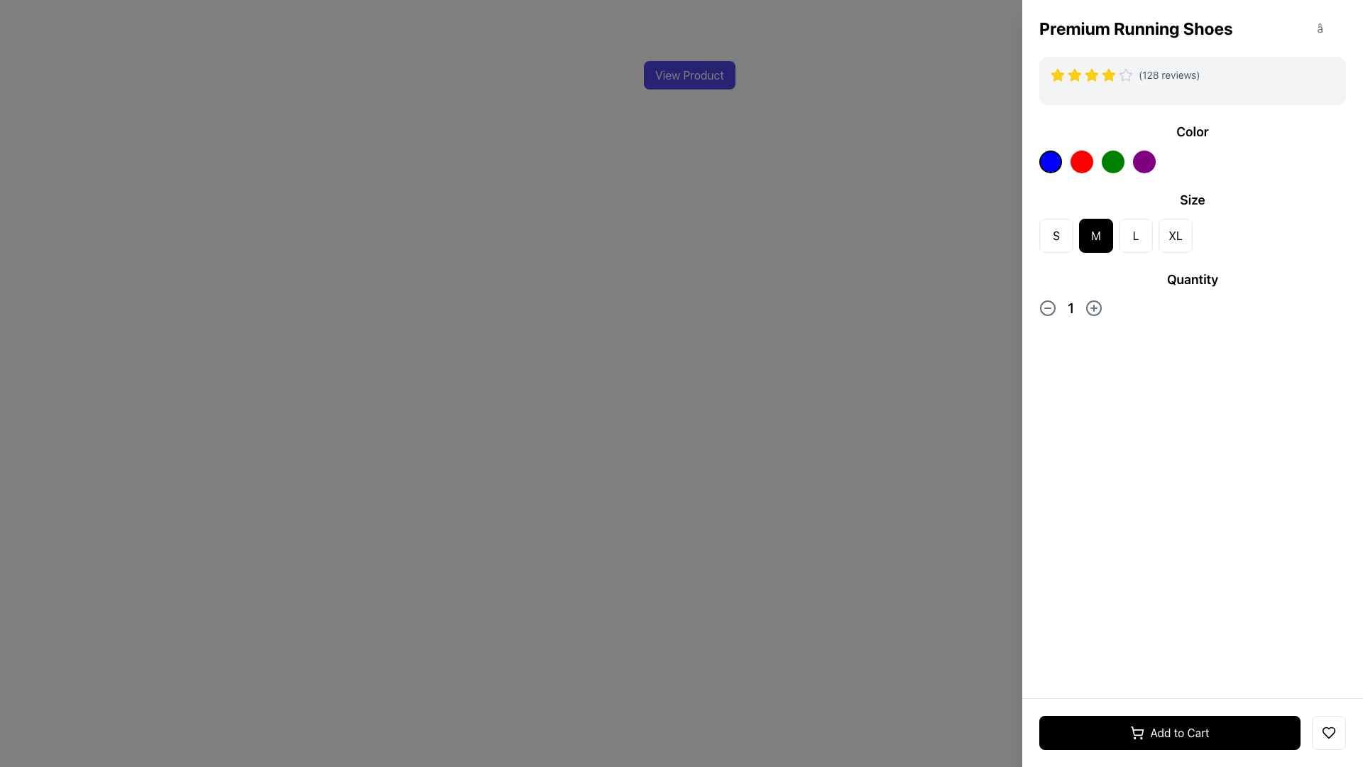 This screenshot has width=1363, height=767. I want to click on the fourth star icon in the rating system for 'Premium Running Shoes' to indicate a selection or evaluation, so click(1124, 75).